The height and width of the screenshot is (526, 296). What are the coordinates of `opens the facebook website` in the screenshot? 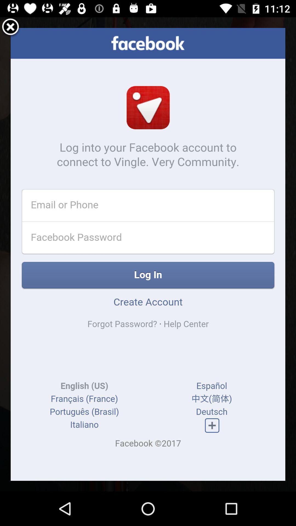 It's located at (148, 254).